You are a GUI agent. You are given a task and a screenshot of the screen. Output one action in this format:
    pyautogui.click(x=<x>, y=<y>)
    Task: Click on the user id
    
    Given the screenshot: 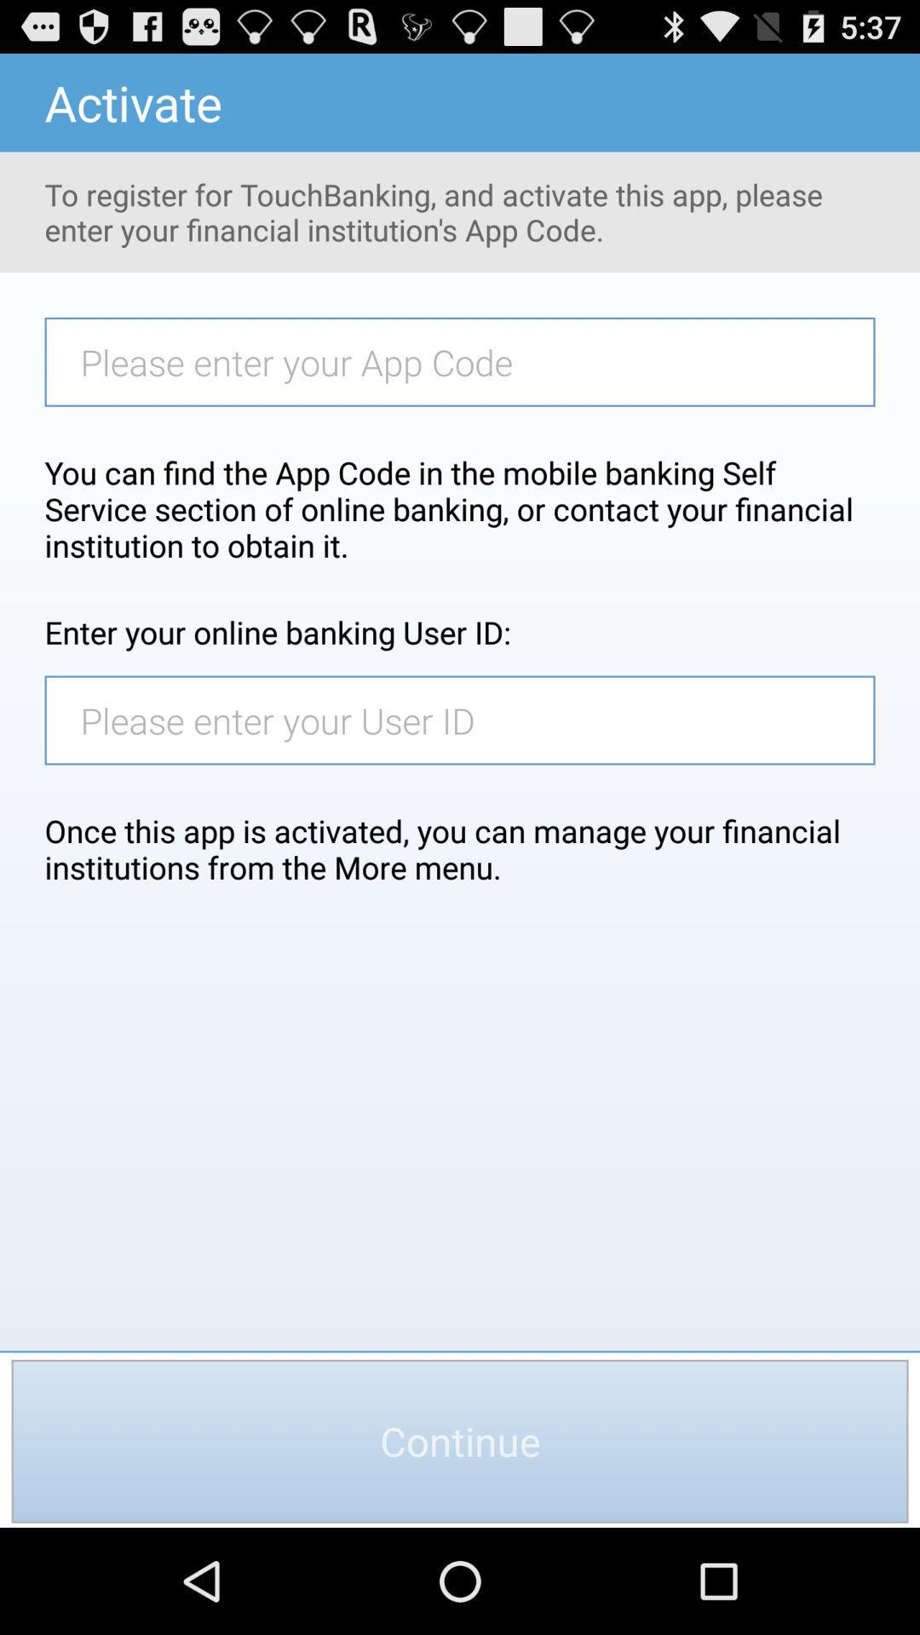 What is the action you would take?
    pyautogui.click(x=469, y=720)
    